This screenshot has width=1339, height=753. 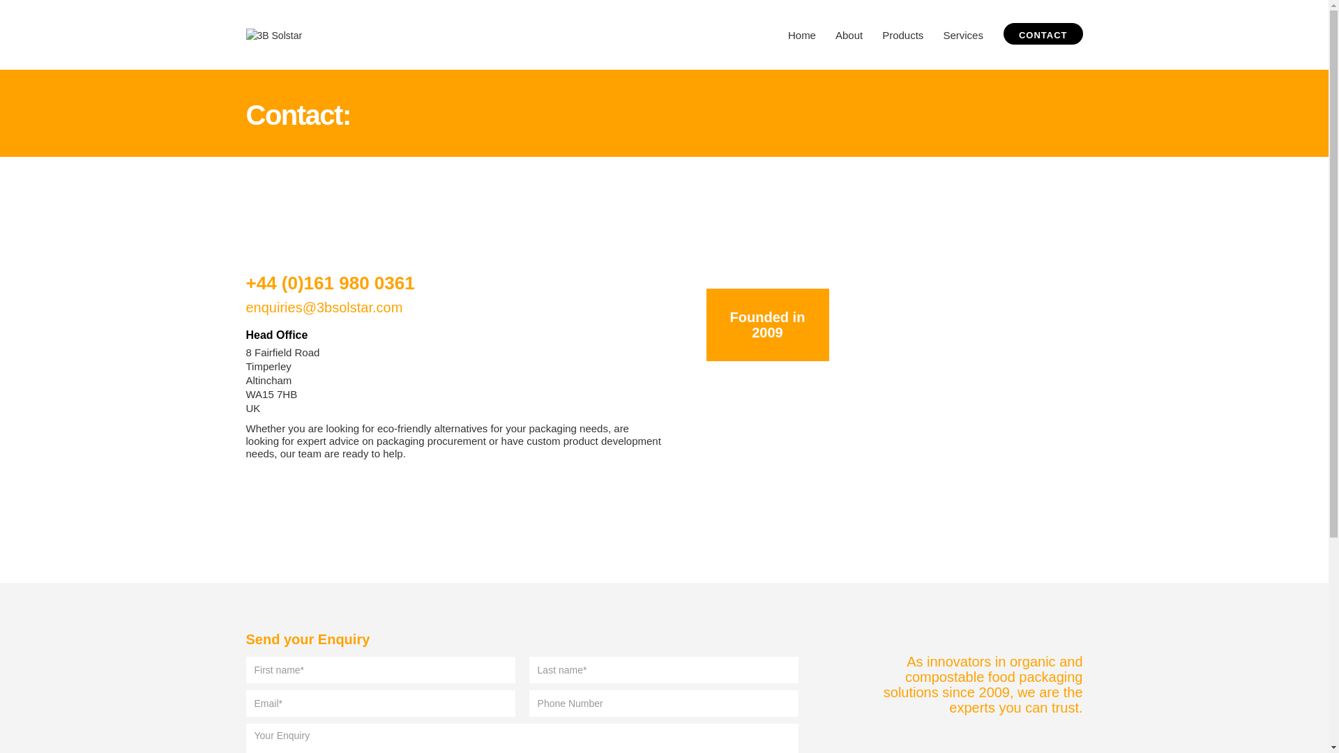 What do you see at coordinates (245, 306) in the screenshot?
I see `'enquiries@3bsolstar.com'` at bounding box center [245, 306].